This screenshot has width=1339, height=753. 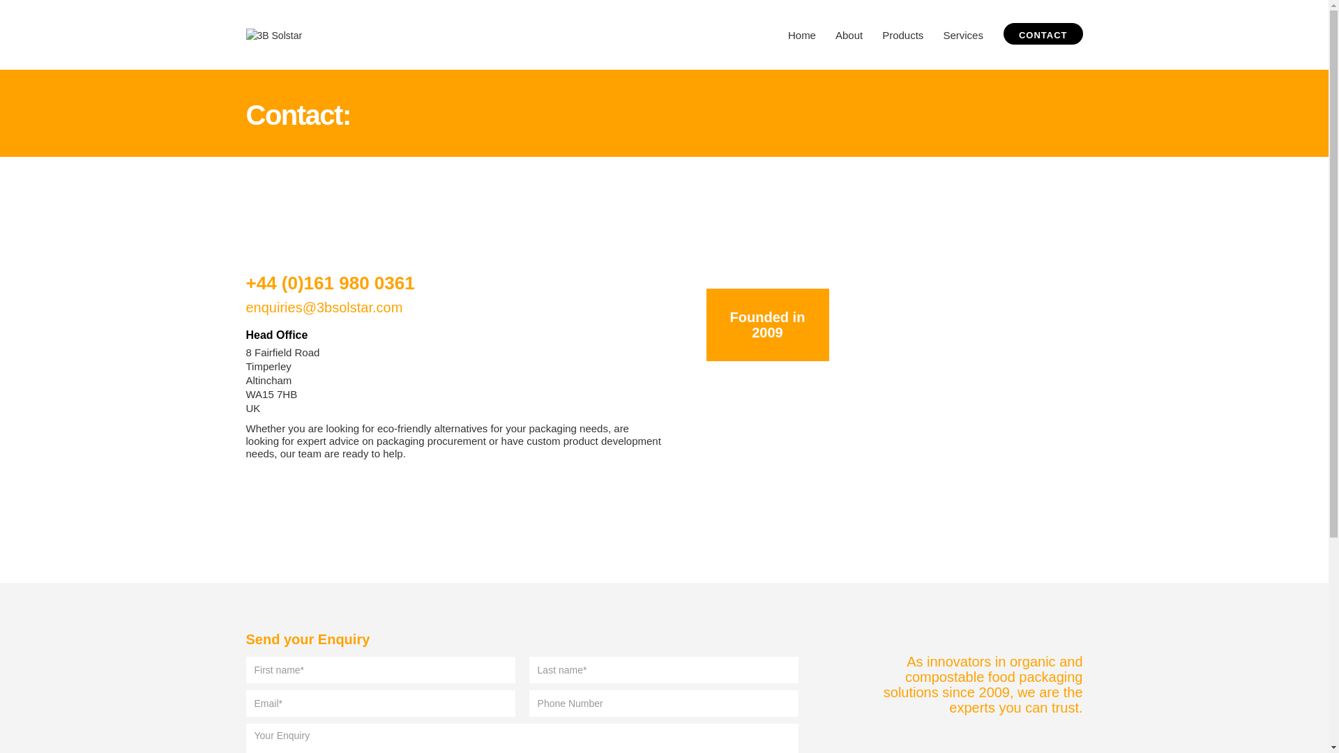 What do you see at coordinates (245, 306) in the screenshot?
I see `'enquiries@3bsolstar.com'` at bounding box center [245, 306].